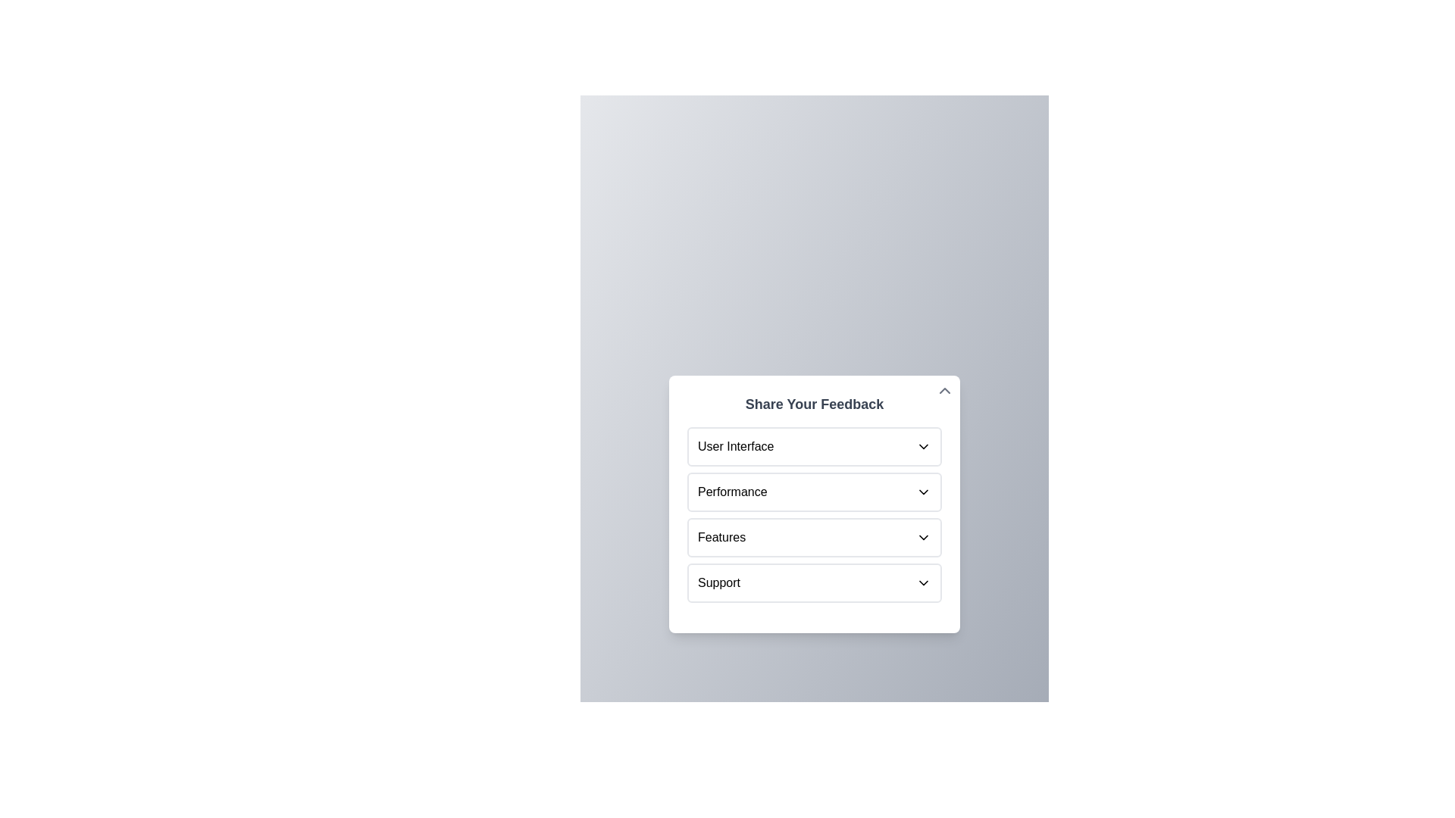  Describe the element at coordinates (923, 446) in the screenshot. I see `the chevron-down indicator icon located to the far right of the 'User Interface' section to interact with the dropdown menu` at that location.